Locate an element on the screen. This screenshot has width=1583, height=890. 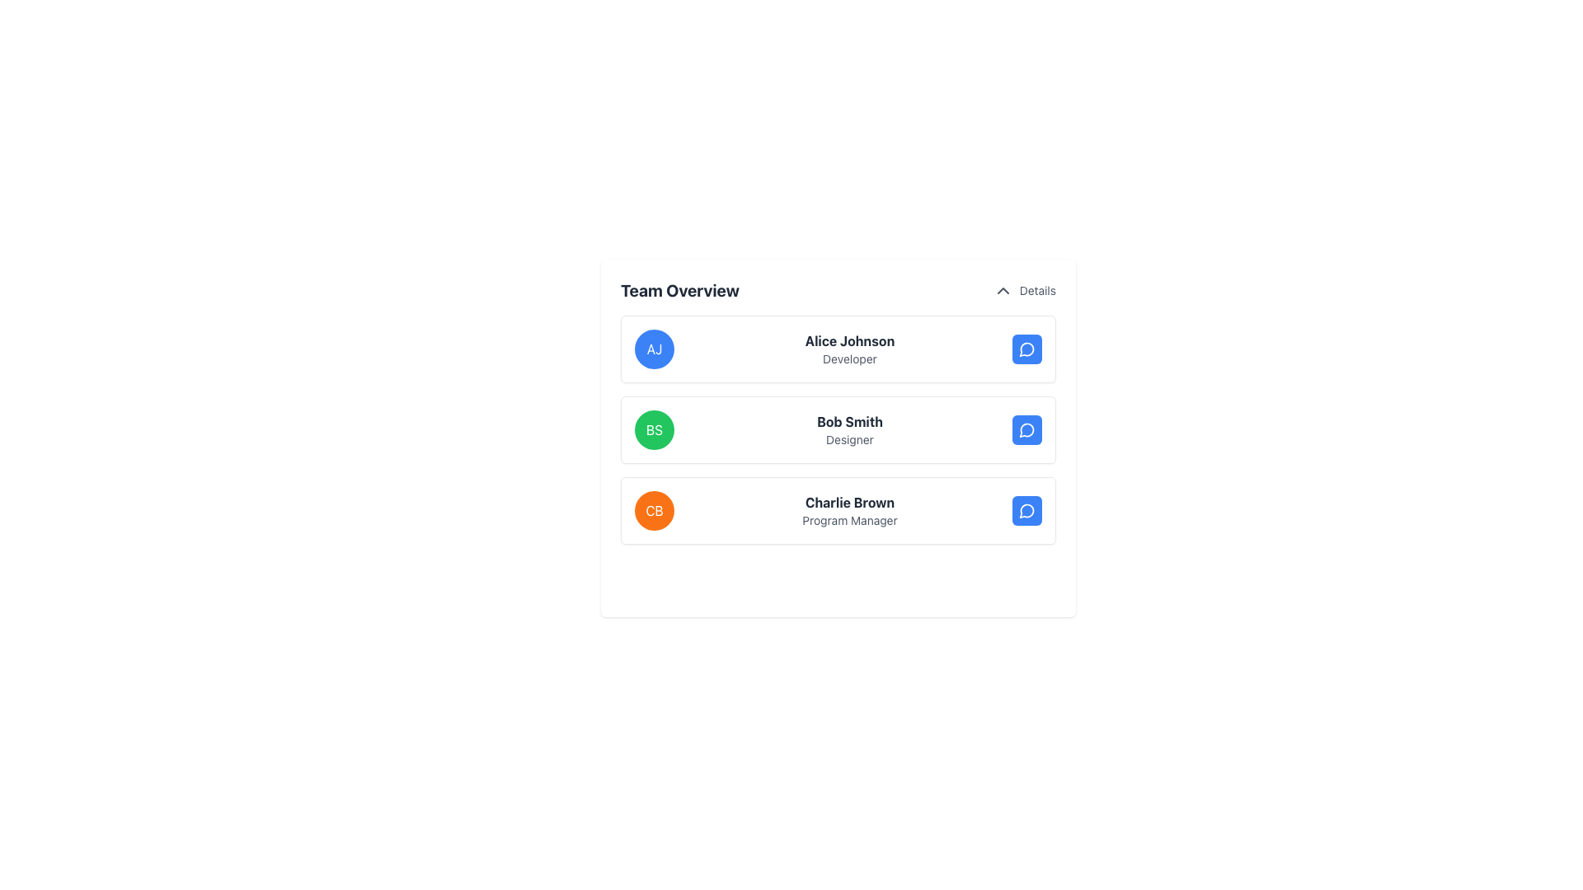
the small, circular, gray chat bubble-like icon located within the rightmost blue circular component in the 'Team Overview' section under 'Alice Johnson' is located at coordinates (1026, 349).